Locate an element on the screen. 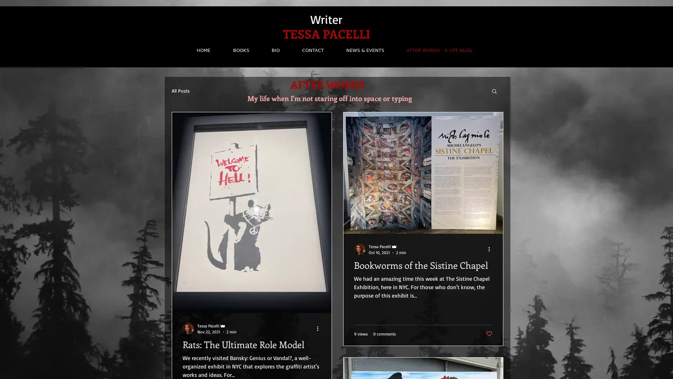  Post not marked as liked is located at coordinates (489, 333).